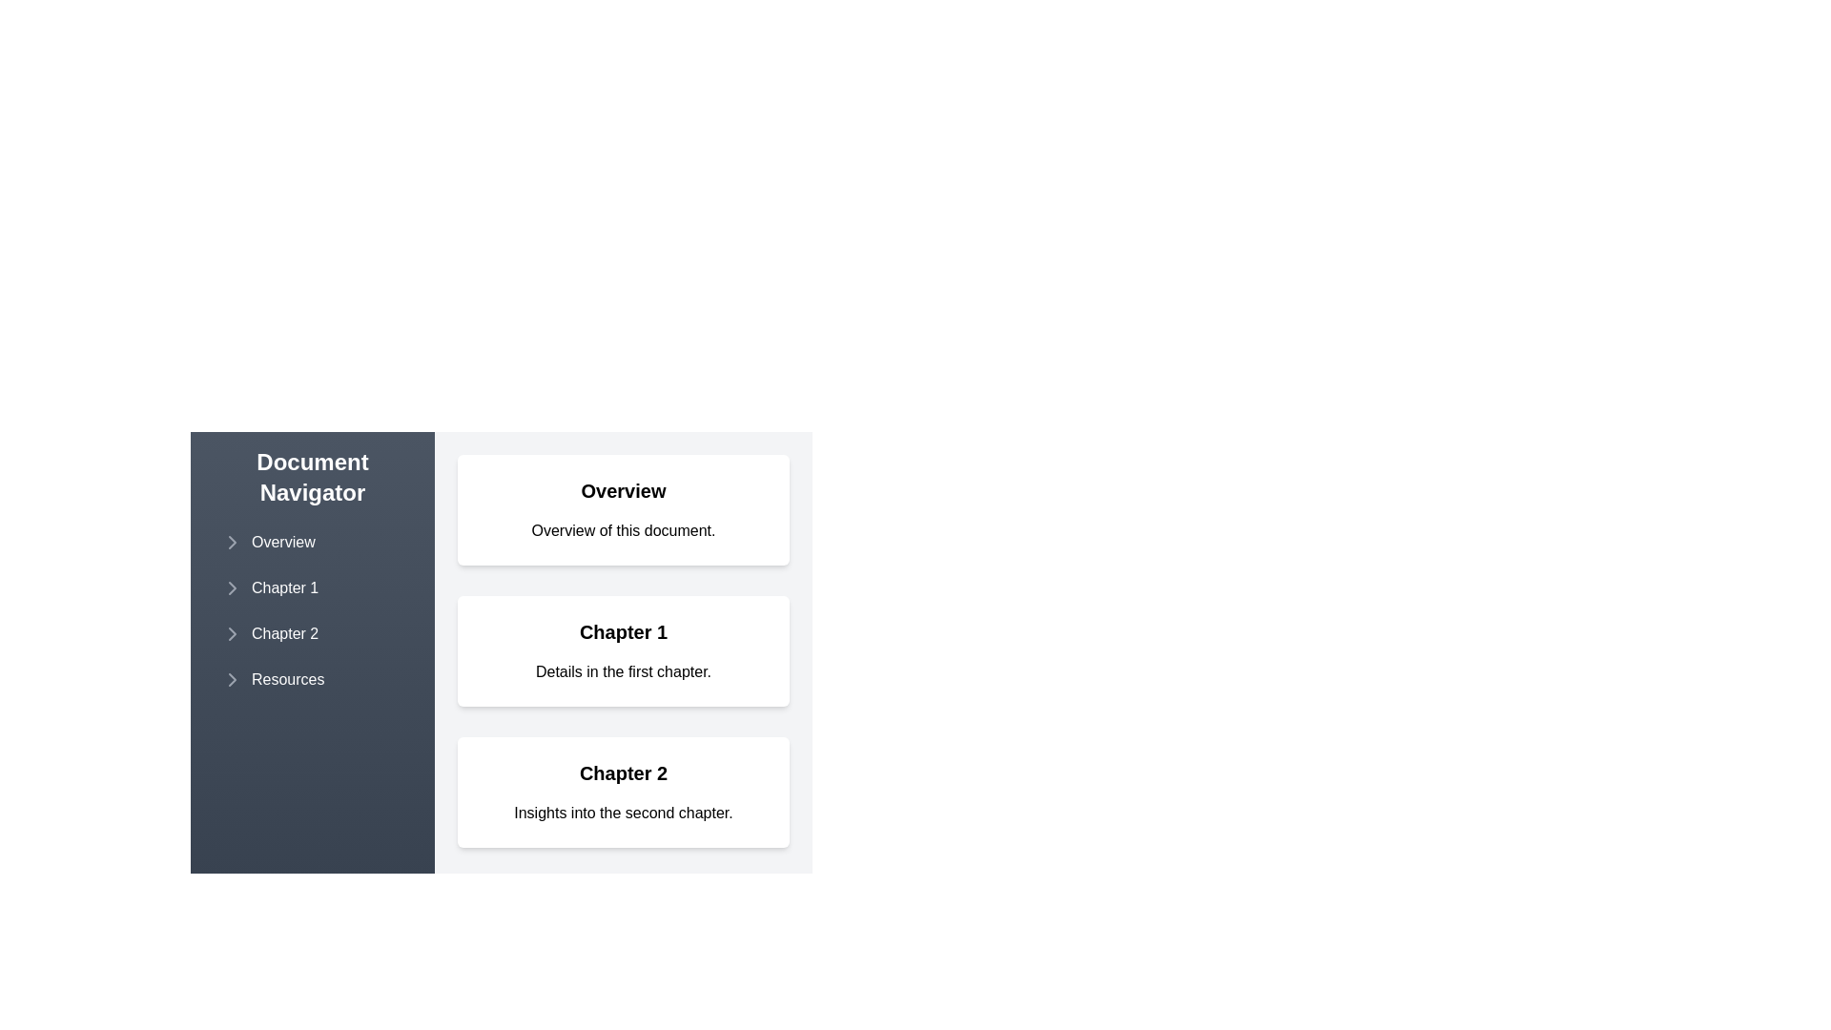 The width and height of the screenshot is (1831, 1030). What do you see at coordinates (623, 792) in the screenshot?
I see `the card titled 'Chapter 2' which features a bold title and a description below it, located in the center section of the layout` at bounding box center [623, 792].